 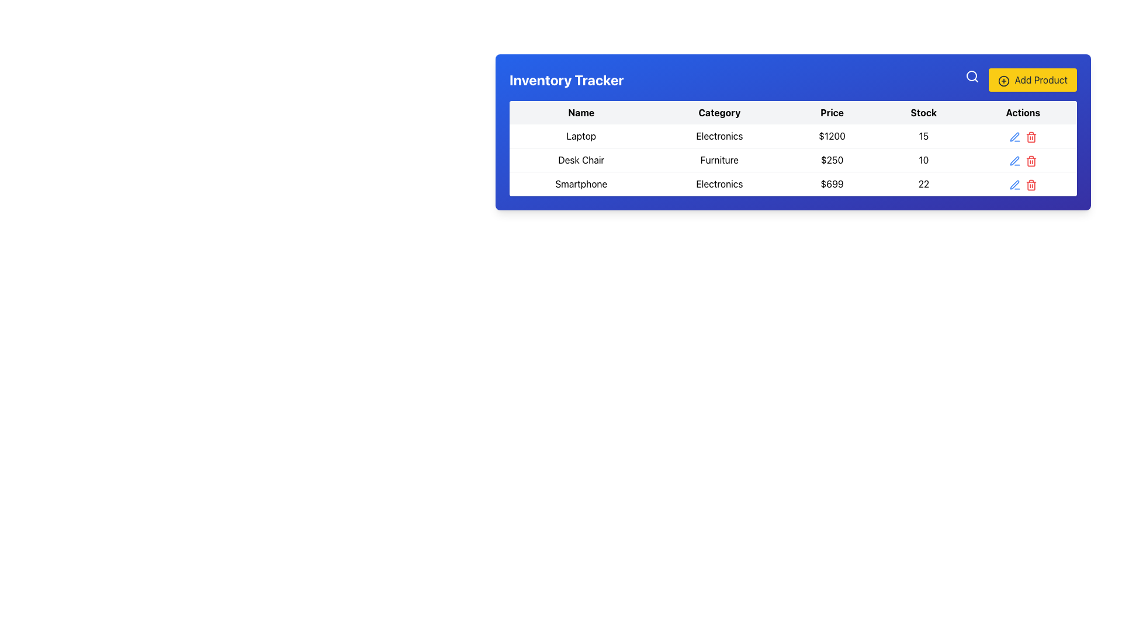 I want to click on the 'Electronics' text label in the 'Category' column of the 'Inventory Tracker' table, so click(x=719, y=184).